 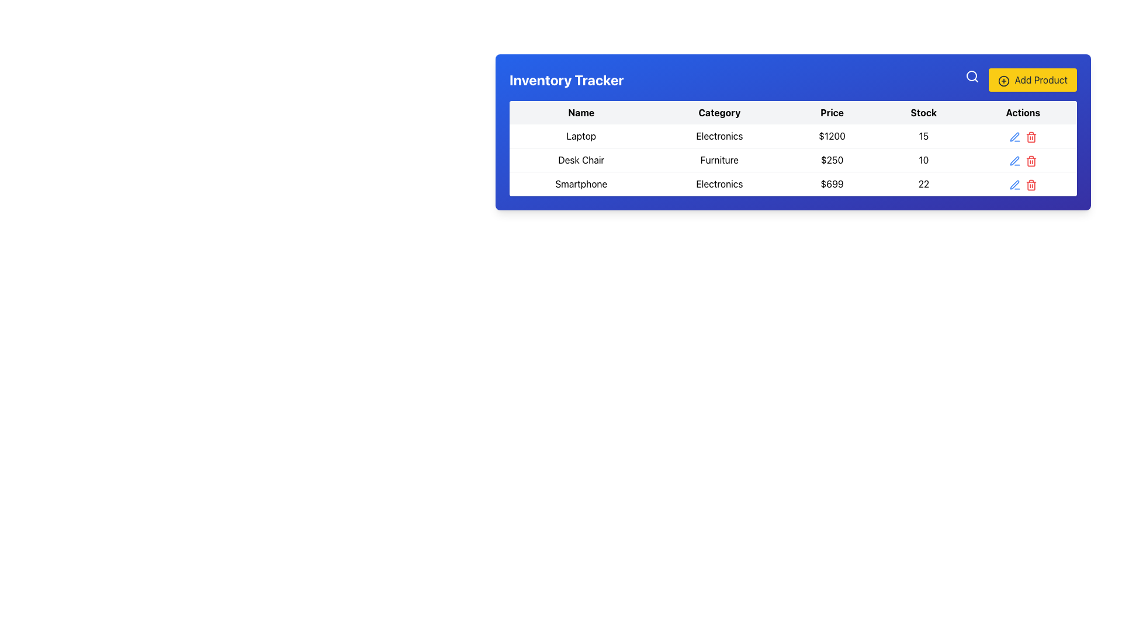 I want to click on the 'Electronics' text label in the 'Category' column of the 'Inventory Tracker' table, so click(x=719, y=184).